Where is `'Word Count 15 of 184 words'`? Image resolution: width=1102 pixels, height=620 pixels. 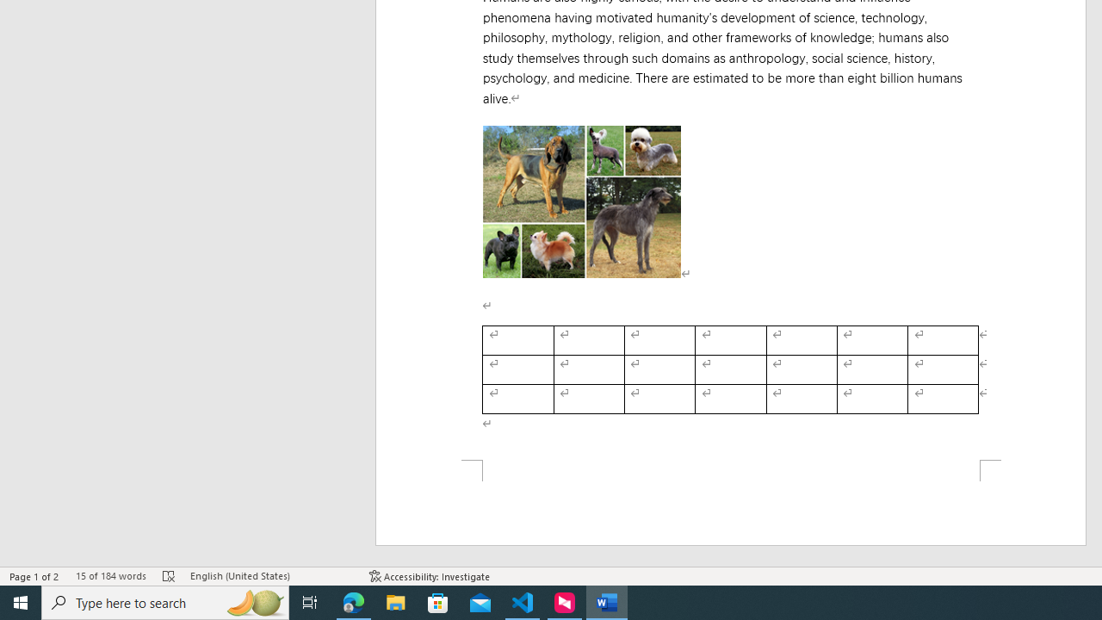
'Word Count 15 of 184 words' is located at coordinates (109, 576).